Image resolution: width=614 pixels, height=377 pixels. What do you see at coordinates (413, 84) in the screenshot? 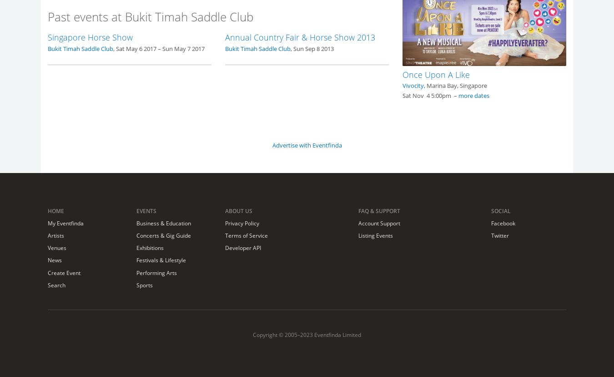
I see `'Vivocity'` at bounding box center [413, 84].